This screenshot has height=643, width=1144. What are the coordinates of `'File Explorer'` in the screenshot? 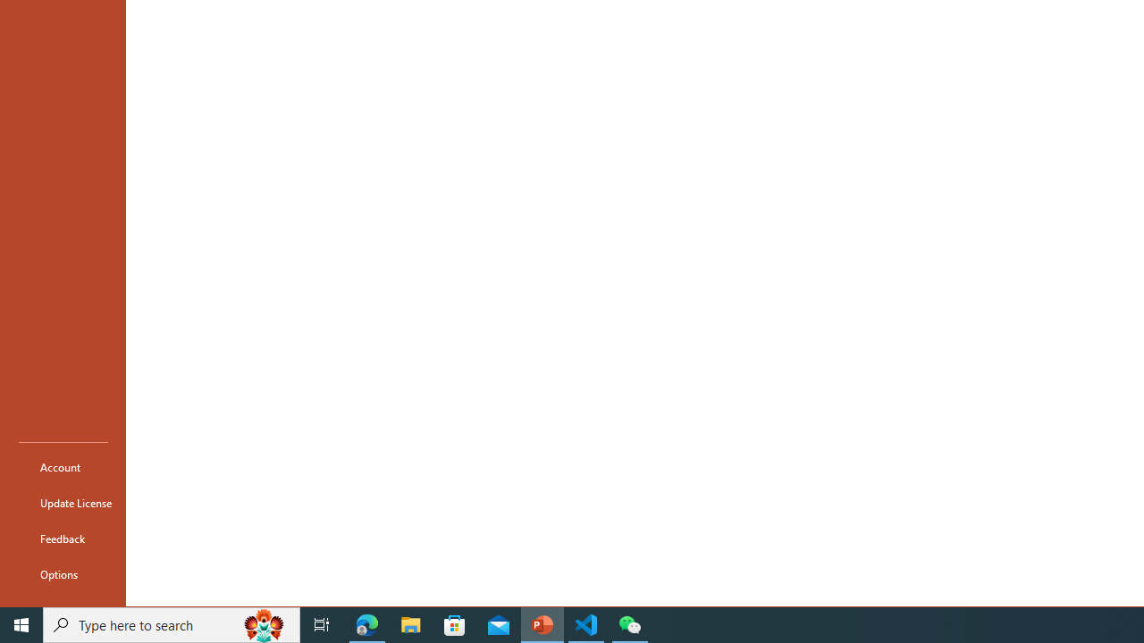 It's located at (410, 623).